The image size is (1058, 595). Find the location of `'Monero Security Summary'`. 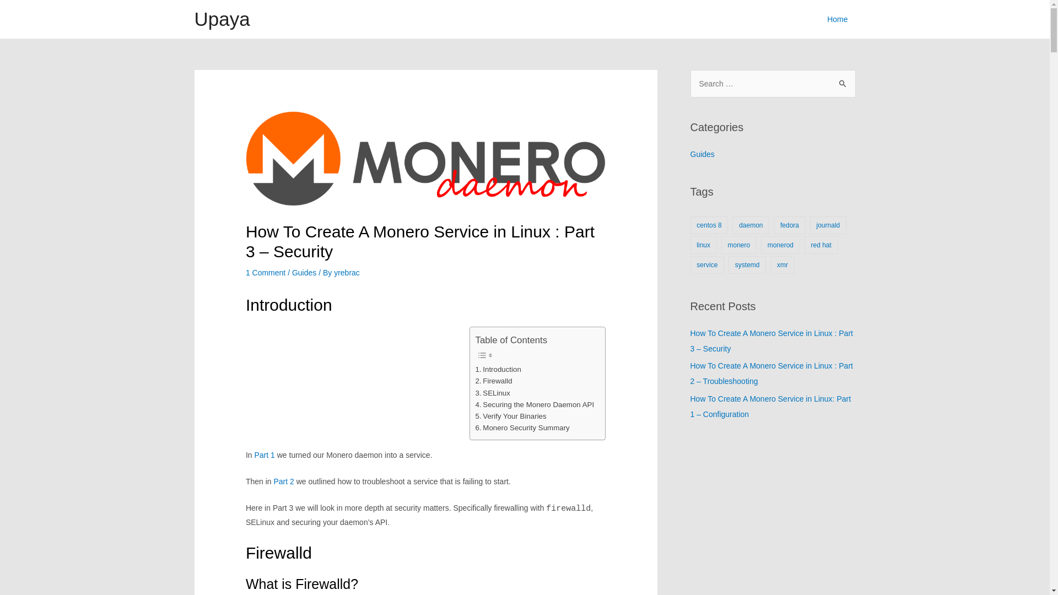

'Monero Security Summary' is located at coordinates (522, 427).